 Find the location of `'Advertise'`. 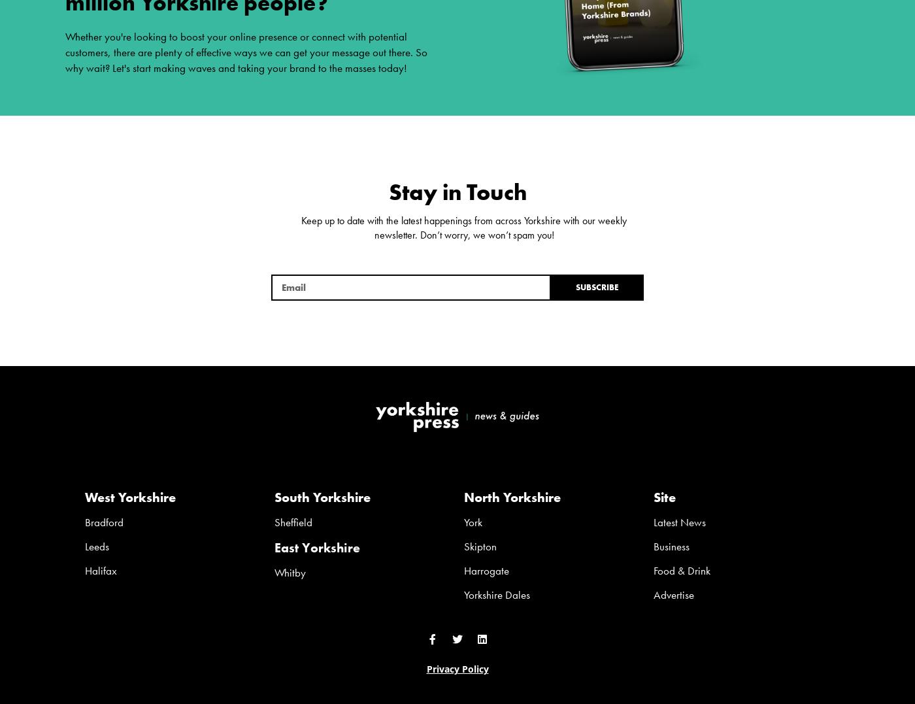

'Advertise' is located at coordinates (673, 594).